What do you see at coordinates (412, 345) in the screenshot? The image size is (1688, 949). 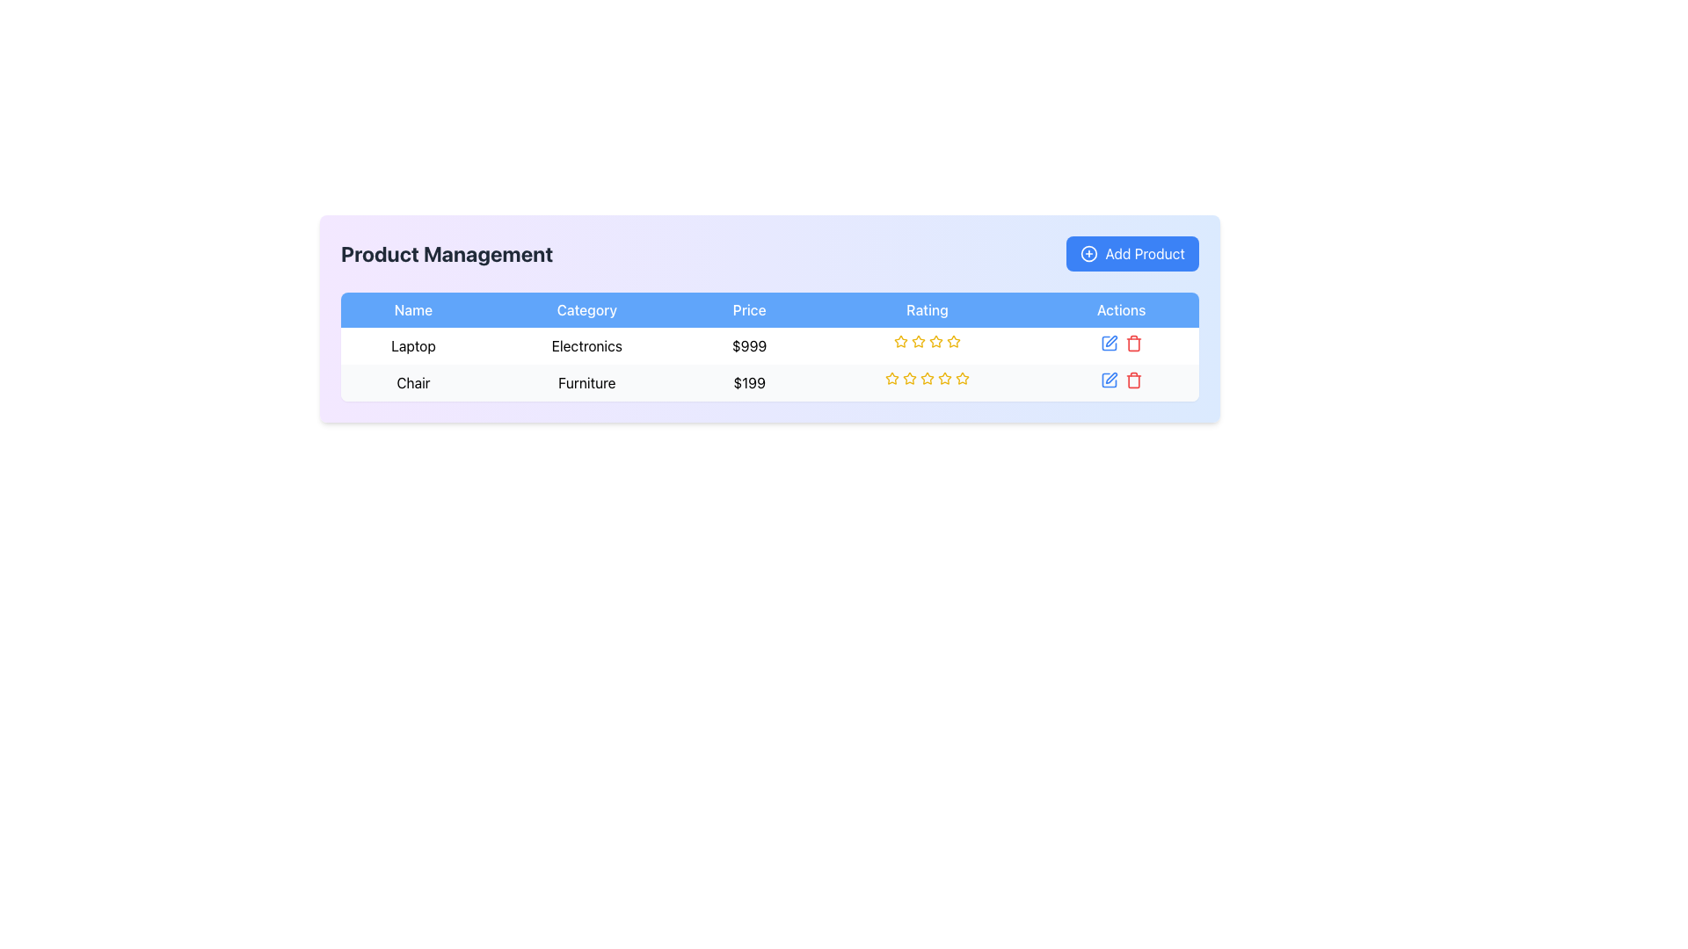 I see `the text label that identifies the product name in the first cell of the first data row of the table, located directly beneath the 'Name' header, to interact with adjacent components in the table` at bounding box center [412, 345].